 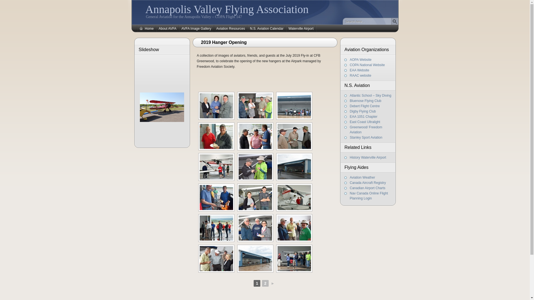 I want to click on 'About AVFA', so click(x=156, y=29).